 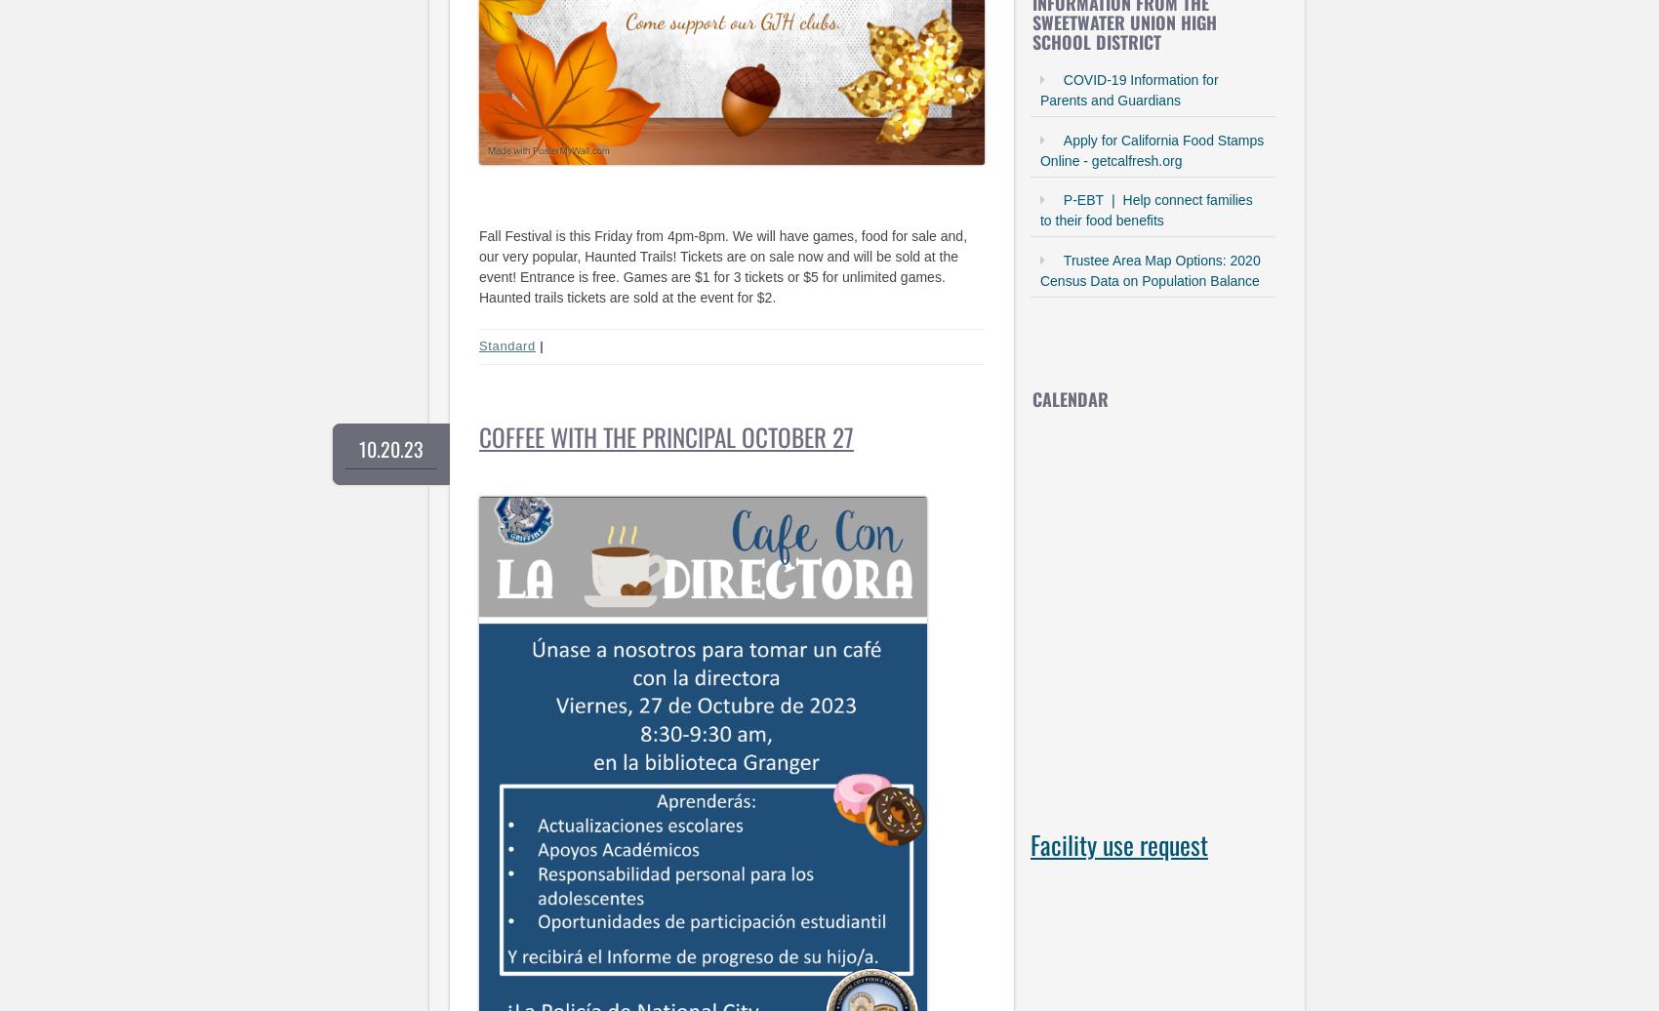 I want to click on 'Standard', so click(x=478, y=345).